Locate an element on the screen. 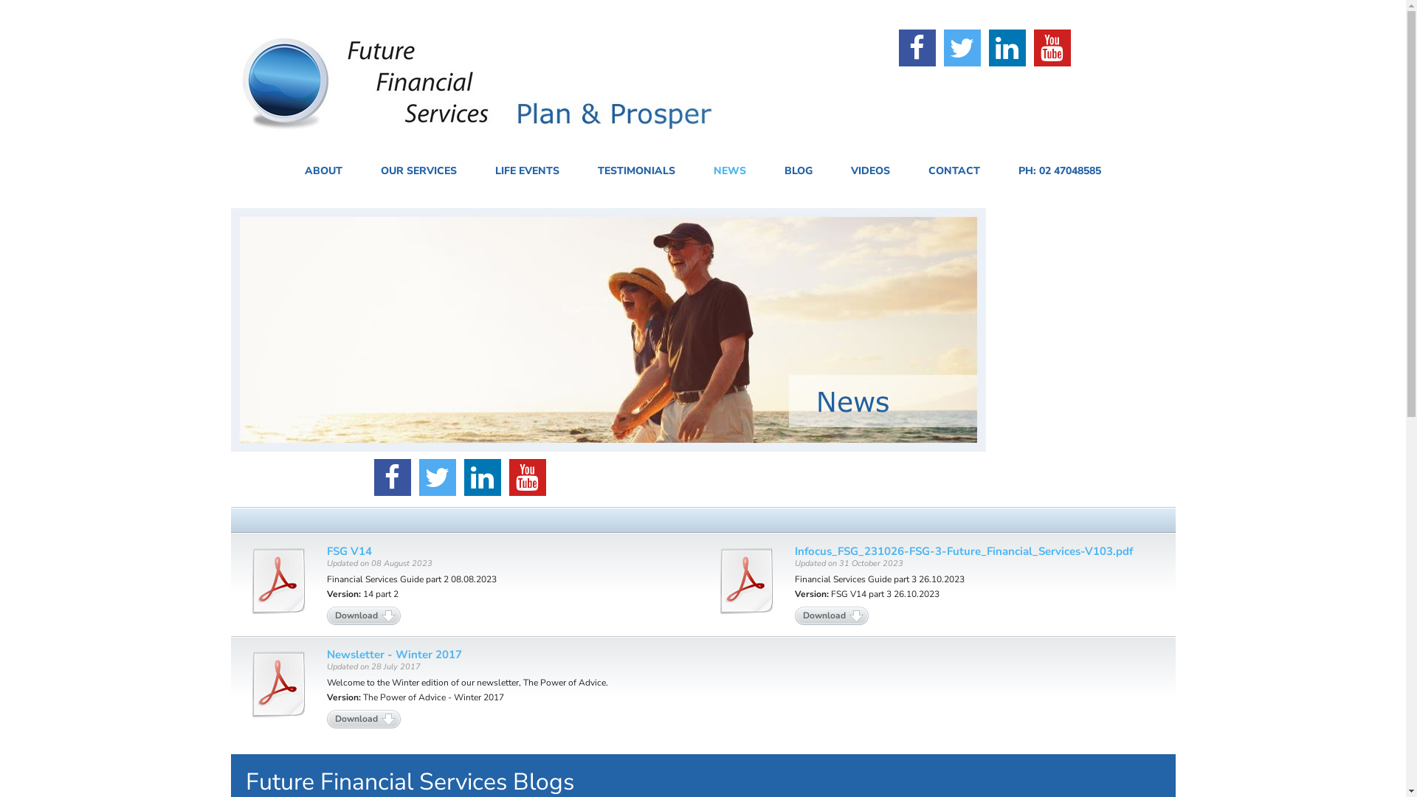 This screenshot has width=1417, height=797. 'Download' is located at coordinates (793, 615).